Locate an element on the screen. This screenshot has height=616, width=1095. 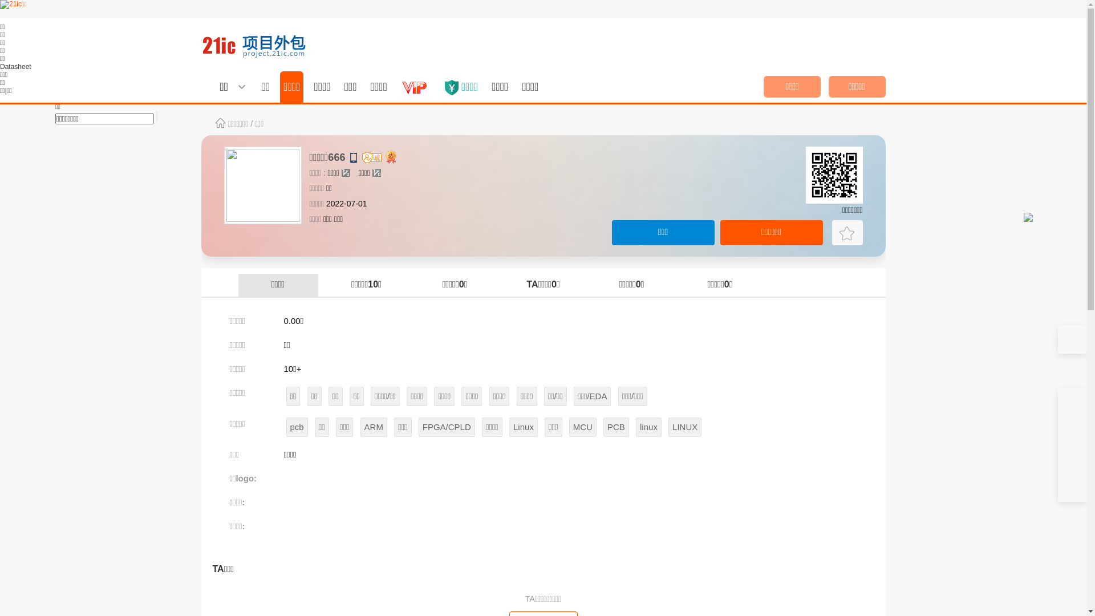
'FPGA/CPLD' is located at coordinates (446, 427).